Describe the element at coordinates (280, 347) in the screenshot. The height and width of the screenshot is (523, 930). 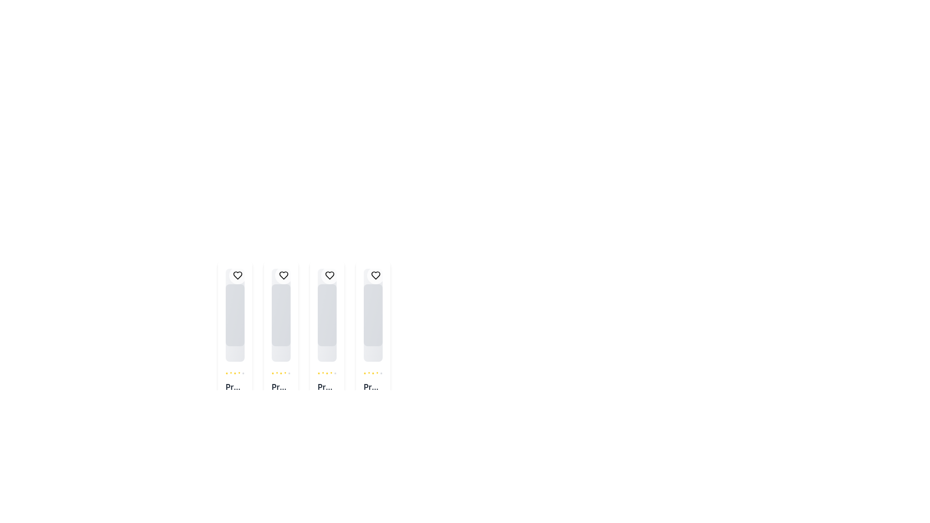
I see `the product card with a white background located in the second column of the grid layout` at that location.